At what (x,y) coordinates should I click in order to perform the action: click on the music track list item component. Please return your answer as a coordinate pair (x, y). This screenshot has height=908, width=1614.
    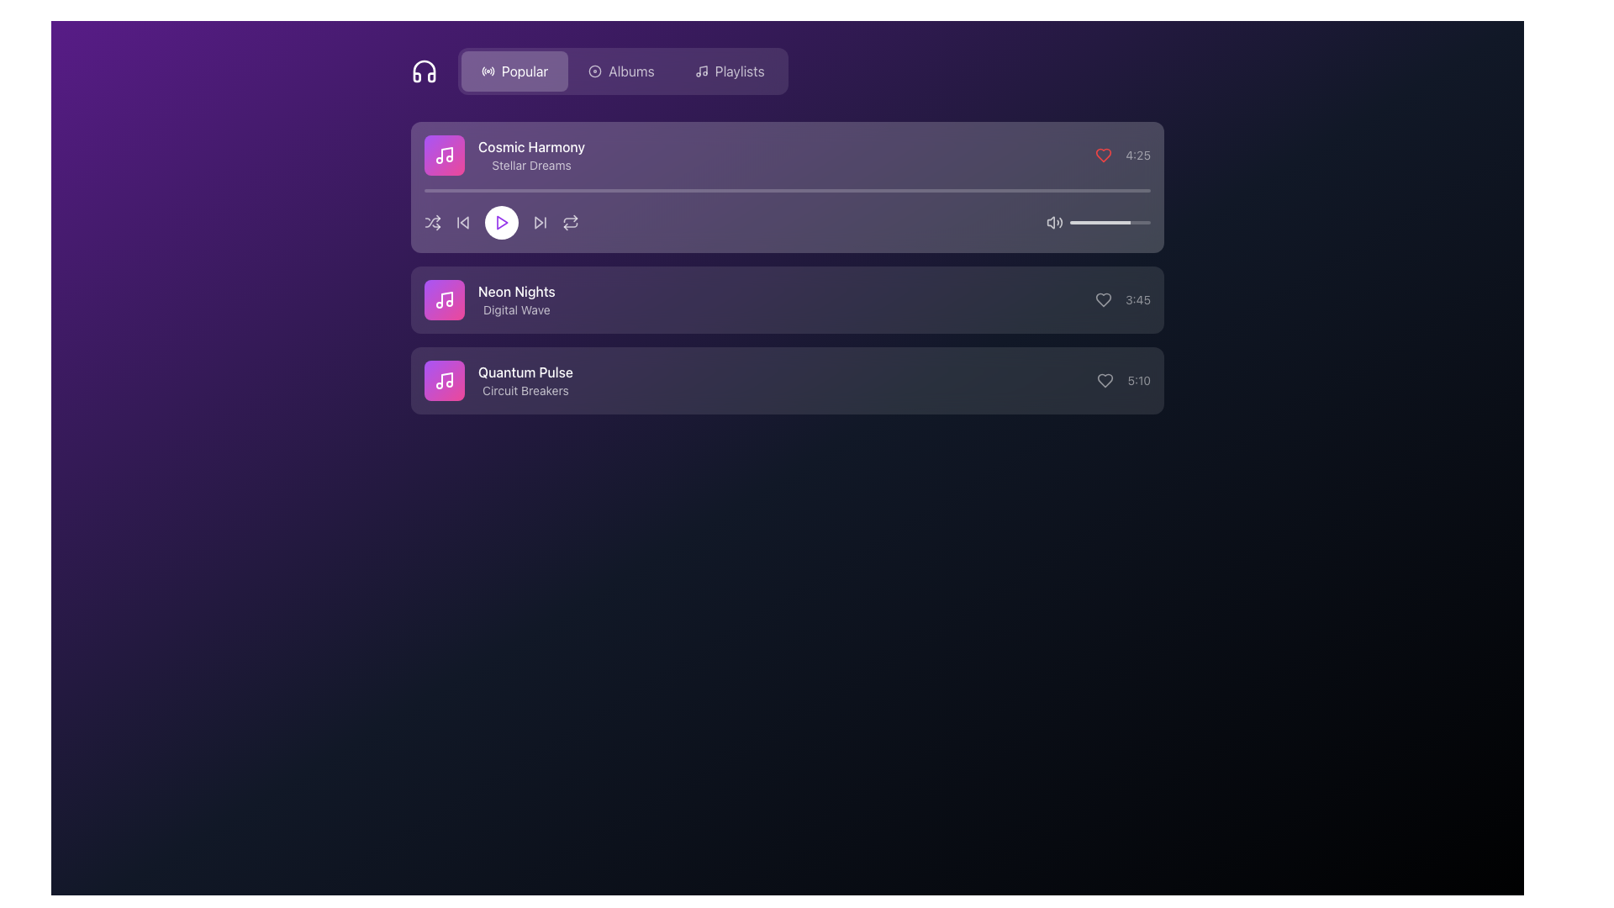
    Looking at the image, I should click on (786, 156).